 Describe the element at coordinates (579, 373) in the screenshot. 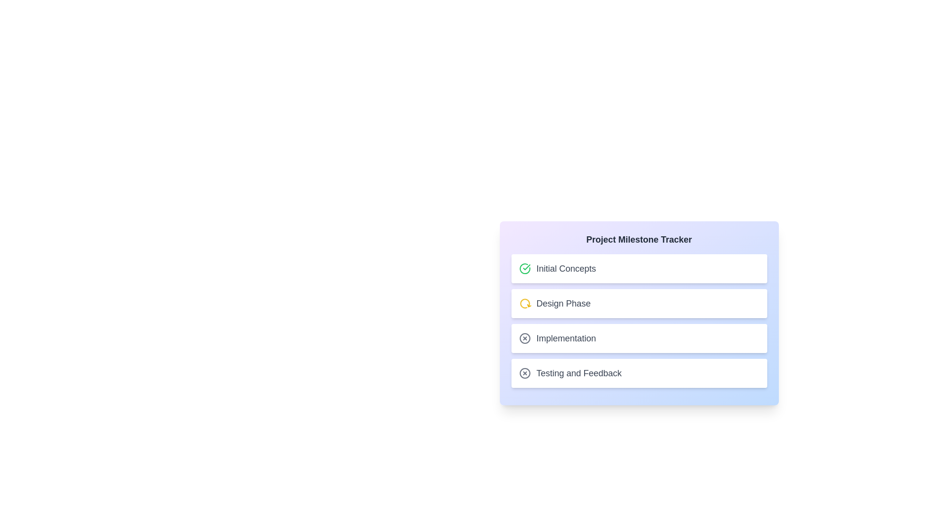

I see `the text label describing the corresponding milestone in the 'Project Milestone Tracker' card to trigger a tooltip or visual response` at that location.